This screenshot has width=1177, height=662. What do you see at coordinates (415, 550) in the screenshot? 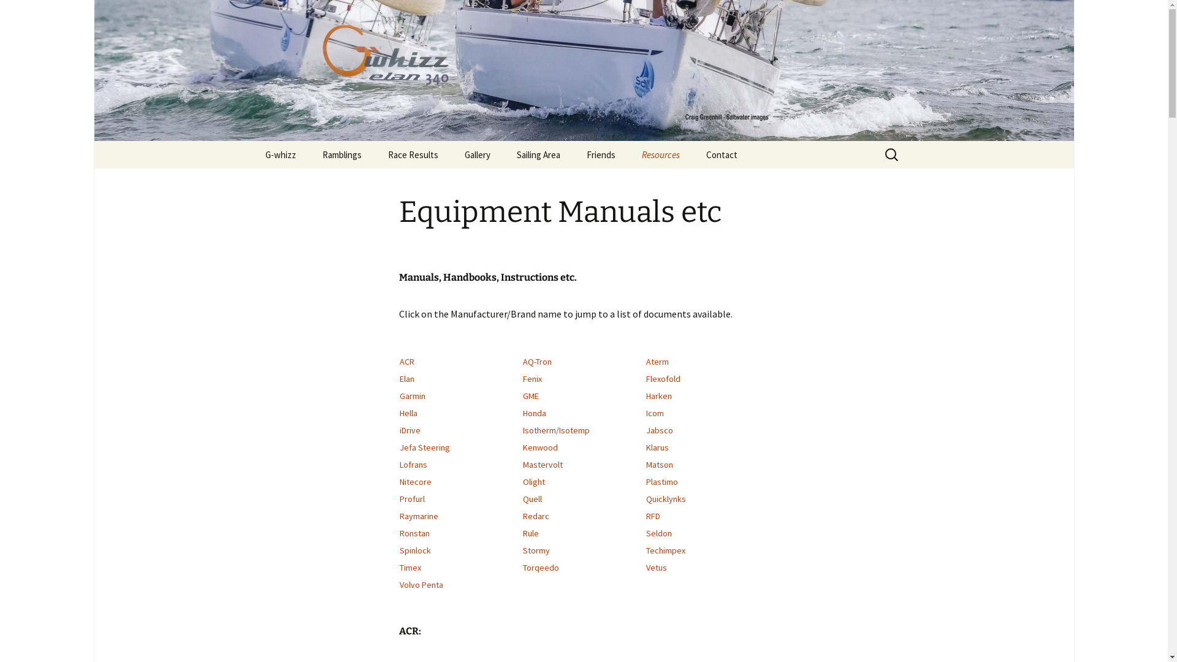
I see `'Spinlock'` at bounding box center [415, 550].